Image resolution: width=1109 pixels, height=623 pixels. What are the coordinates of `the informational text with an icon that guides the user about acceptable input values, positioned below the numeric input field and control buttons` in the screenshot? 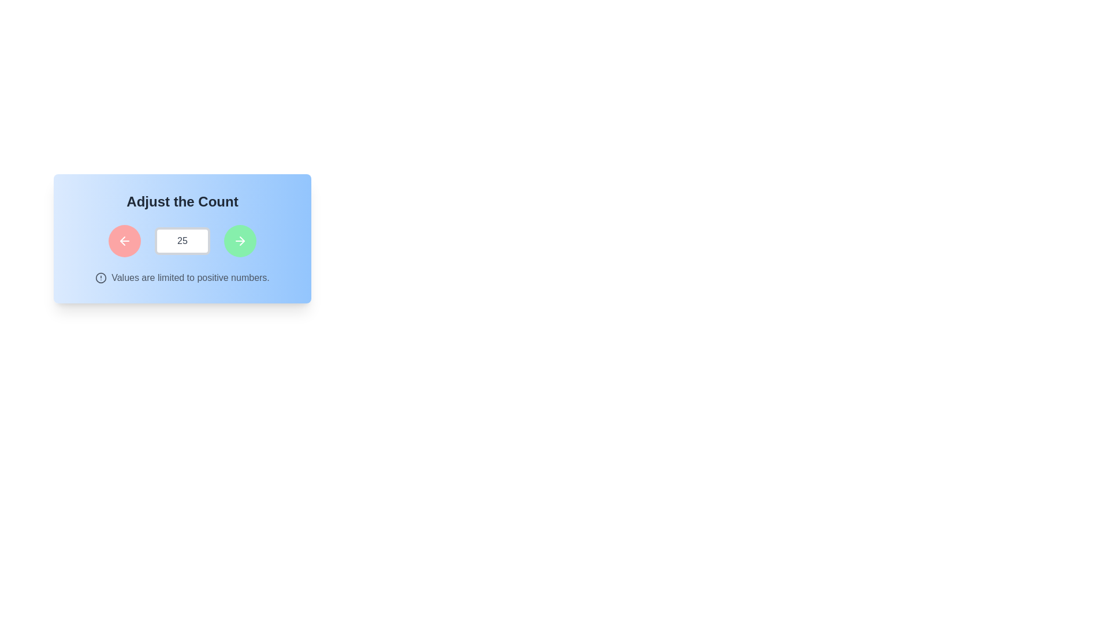 It's located at (182, 278).